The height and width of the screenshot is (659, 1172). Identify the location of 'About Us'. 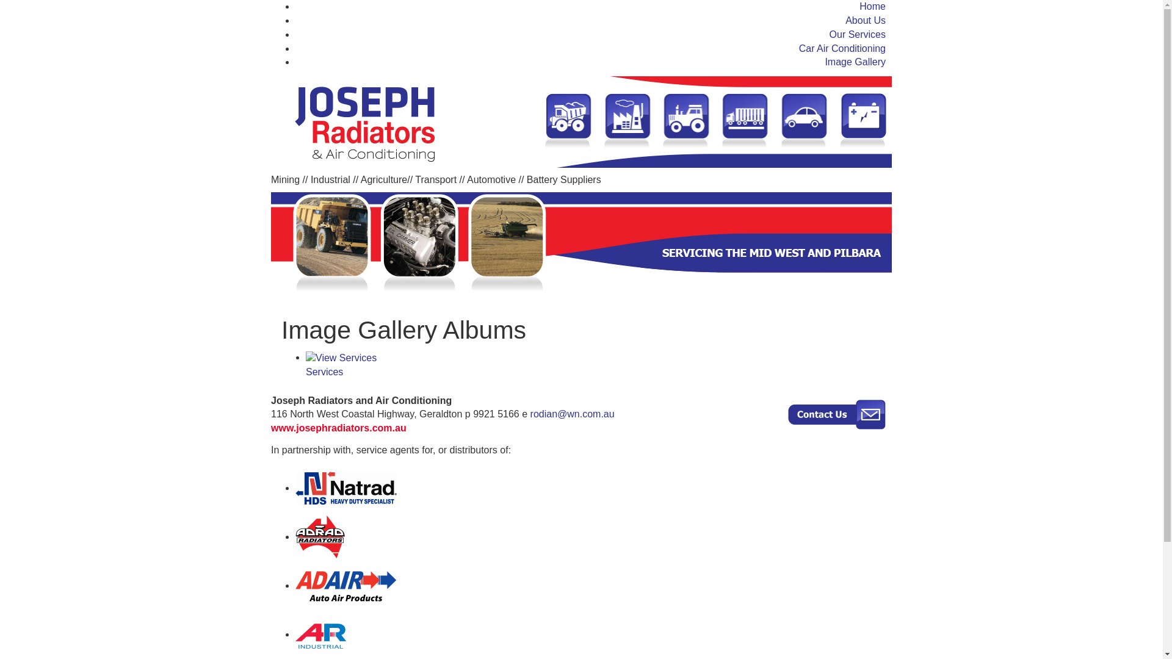
(864, 20).